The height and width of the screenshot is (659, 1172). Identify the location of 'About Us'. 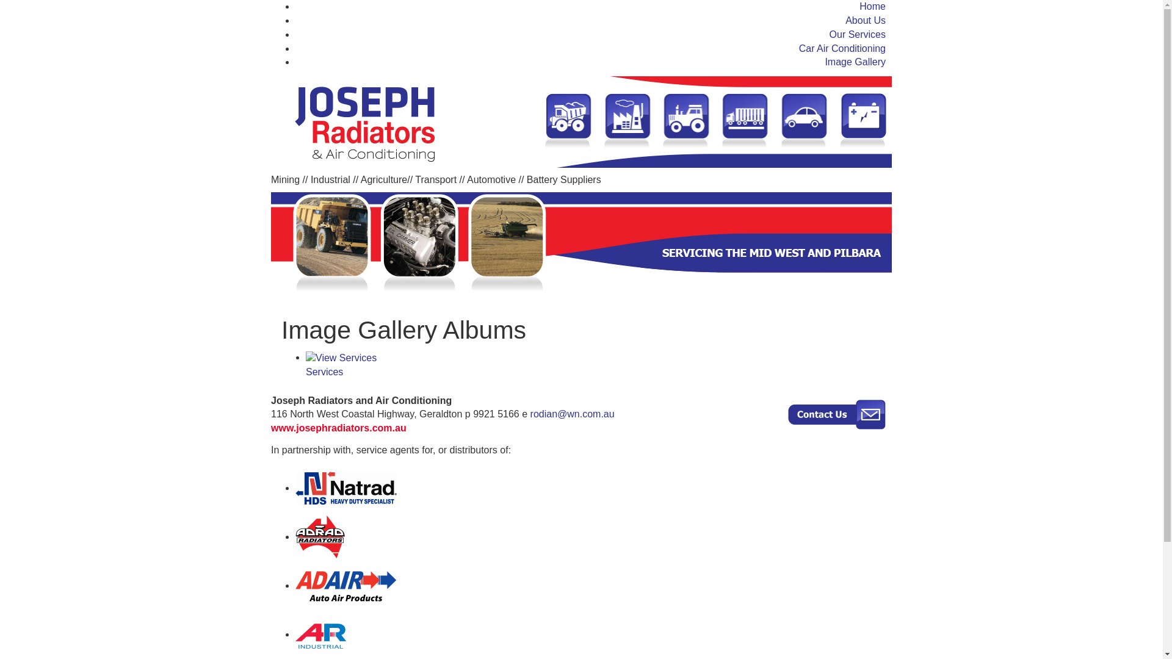
(864, 20).